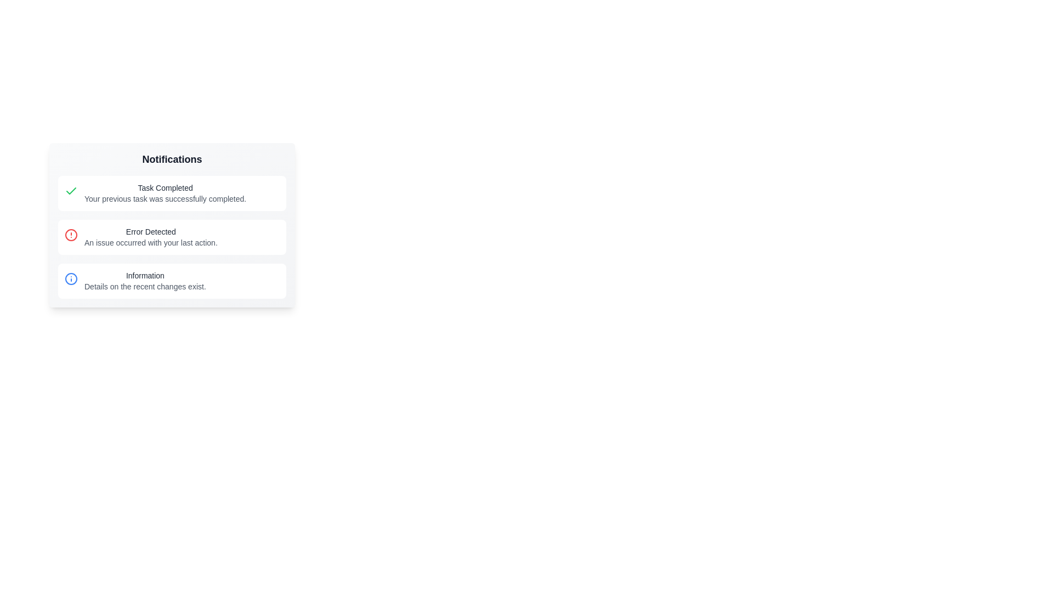  Describe the element at coordinates (150, 231) in the screenshot. I see `the error notification Text Label located in the 'Error Detected' section, above the description 'An issue occurred with your last action.'` at that location.